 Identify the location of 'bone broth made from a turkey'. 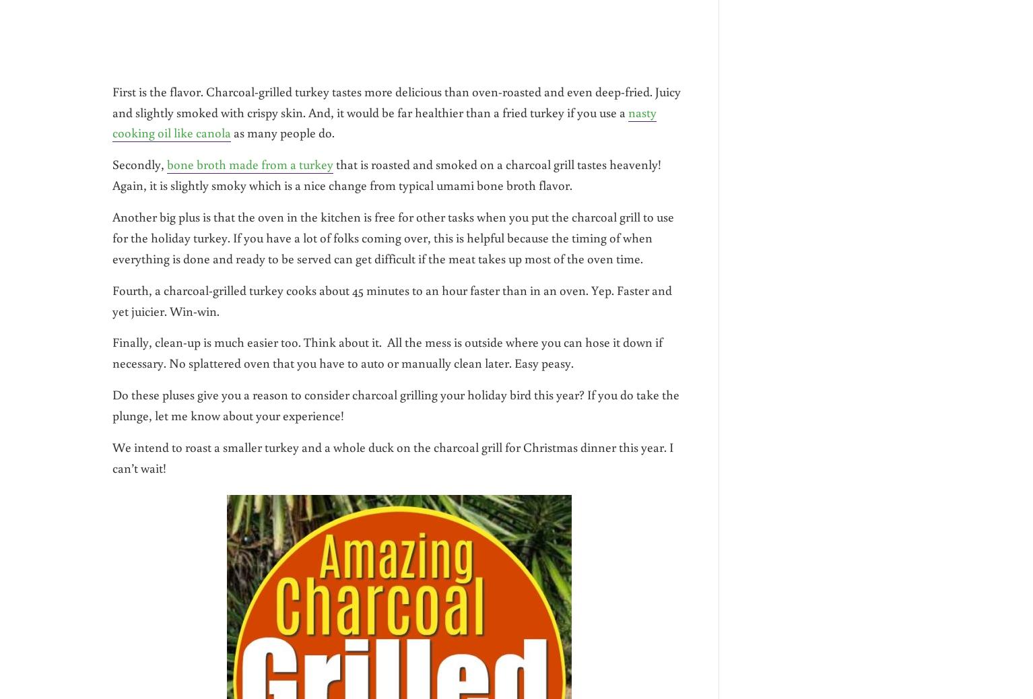
(250, 163).